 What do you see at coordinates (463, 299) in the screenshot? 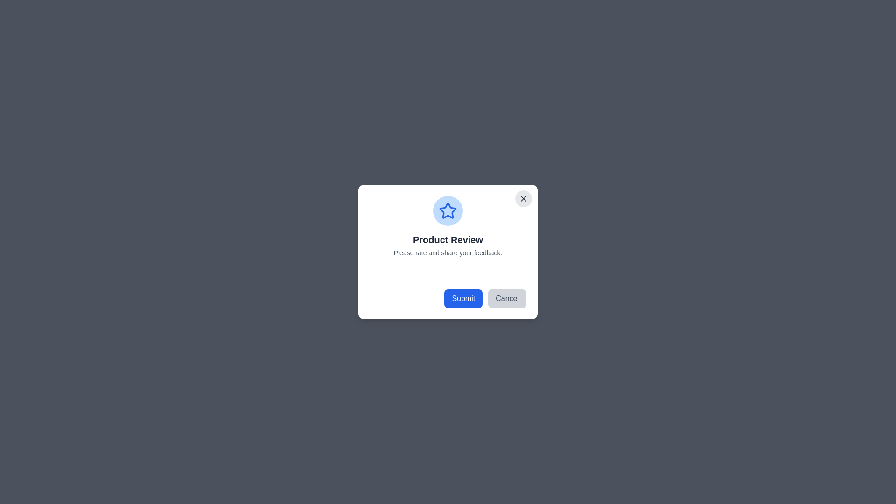
I see `the submit button for the product review, located under the 'Product Review' text, to change its appearance` at bounding box center [463, 299].